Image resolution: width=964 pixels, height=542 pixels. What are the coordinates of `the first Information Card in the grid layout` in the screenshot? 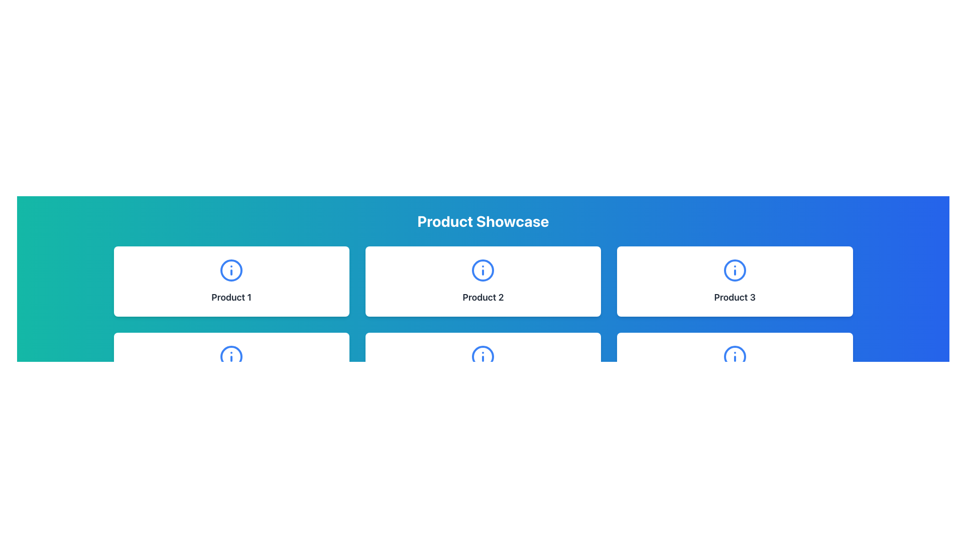 It's located at (231, 281).